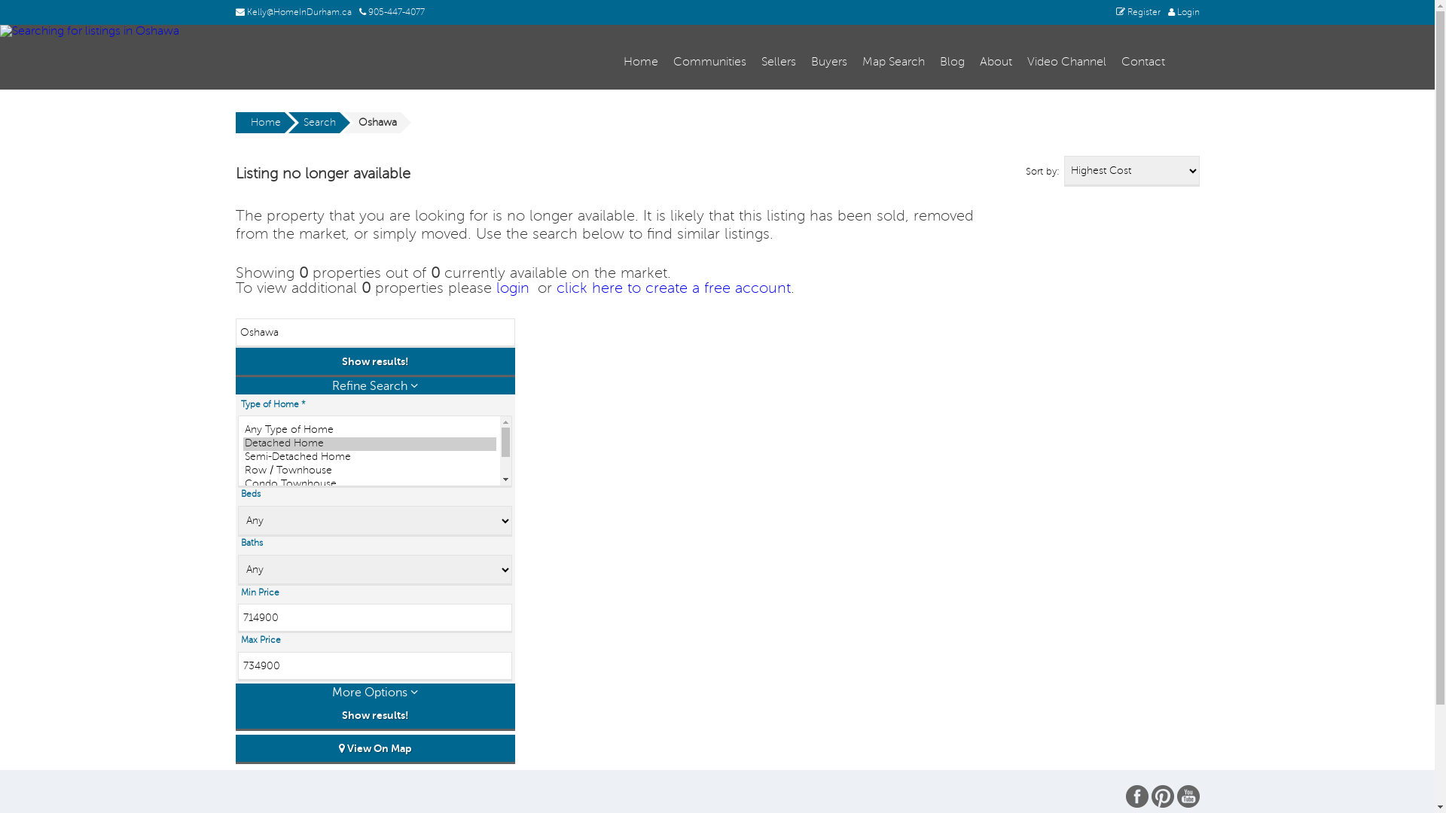  What do you see at coordinates (374, 692) in the screenshot?
I see `'More Options'` at bounding box center [374, 692].